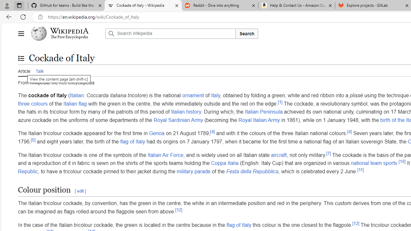  I want to click on 'Search Wikipedia', so click(171, 34).